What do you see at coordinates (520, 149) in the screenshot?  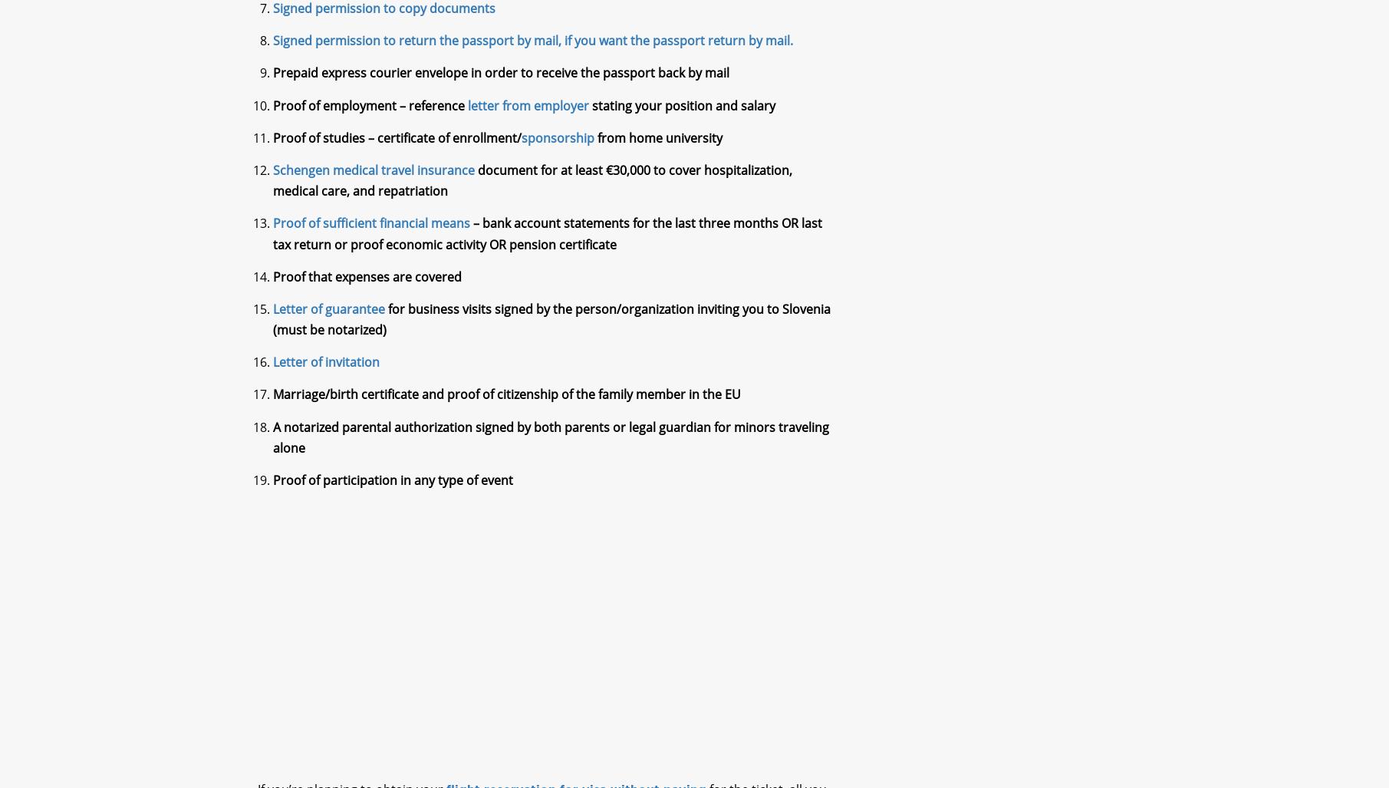 I see `'sponsorship'` at bounding box center [520, 149].